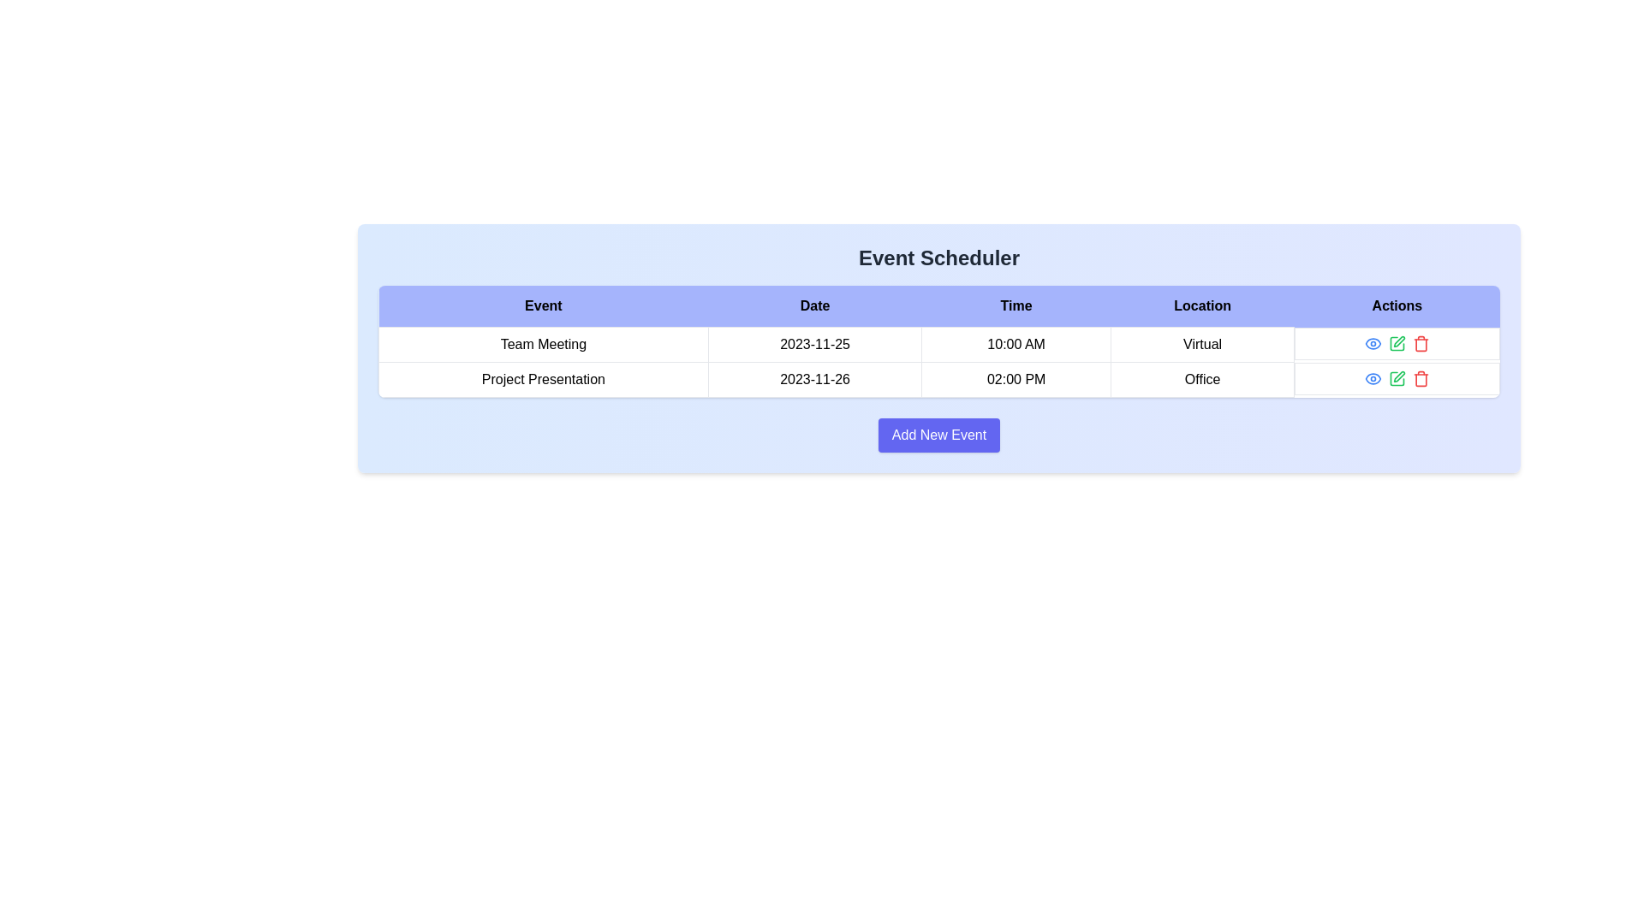 This screenshot has width=1644, height=924. Describe the element at coordinates (1421, 377) in the screenshot. I see `the red-colored trash icon button located in the rightmost column under 'Actions' in the second row of the table` at that location.